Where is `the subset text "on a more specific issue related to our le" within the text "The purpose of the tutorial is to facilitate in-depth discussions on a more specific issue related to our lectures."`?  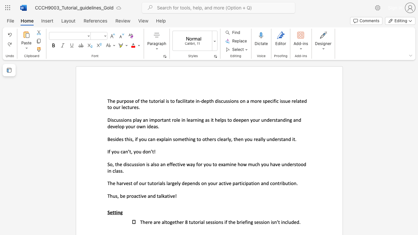
the subset text "on a more specific issue related to our le" within the text "The purpose of the tutorial is to facilitate in-depth discussions on a more specific issue related to our lectures." is located at coordinates (239, 101).